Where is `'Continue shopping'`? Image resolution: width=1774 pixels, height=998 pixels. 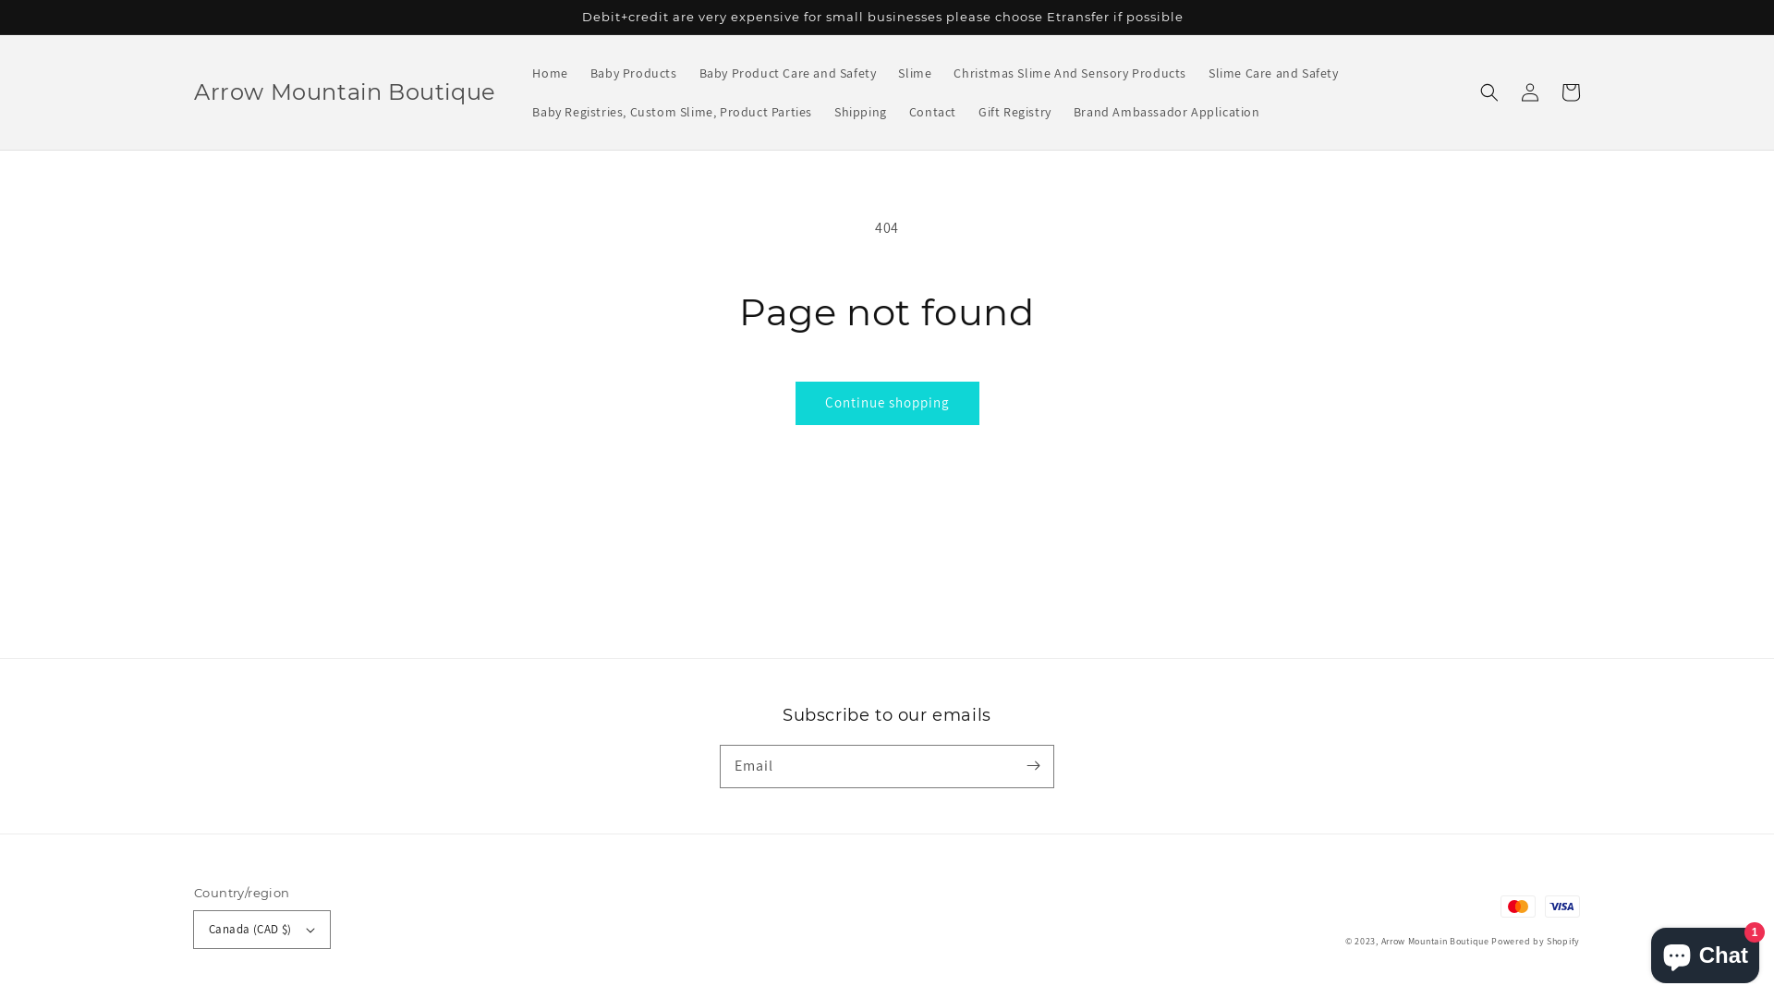
'Continue shopping' is located at coordinates (887, 402).